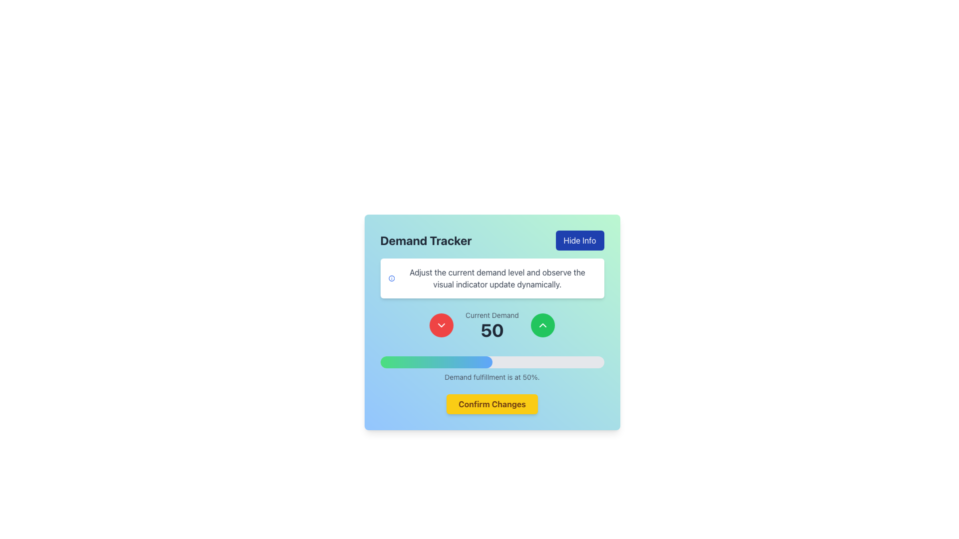 The height and width of the screenshot is (539, 959). I want to click on the 'Demand Tracker' text label, which is prominently displayed in the header area with a bold, large font and a modern sans-serif typeface, positioned to the left of the 'Hide Info' button, so click(426, 241).